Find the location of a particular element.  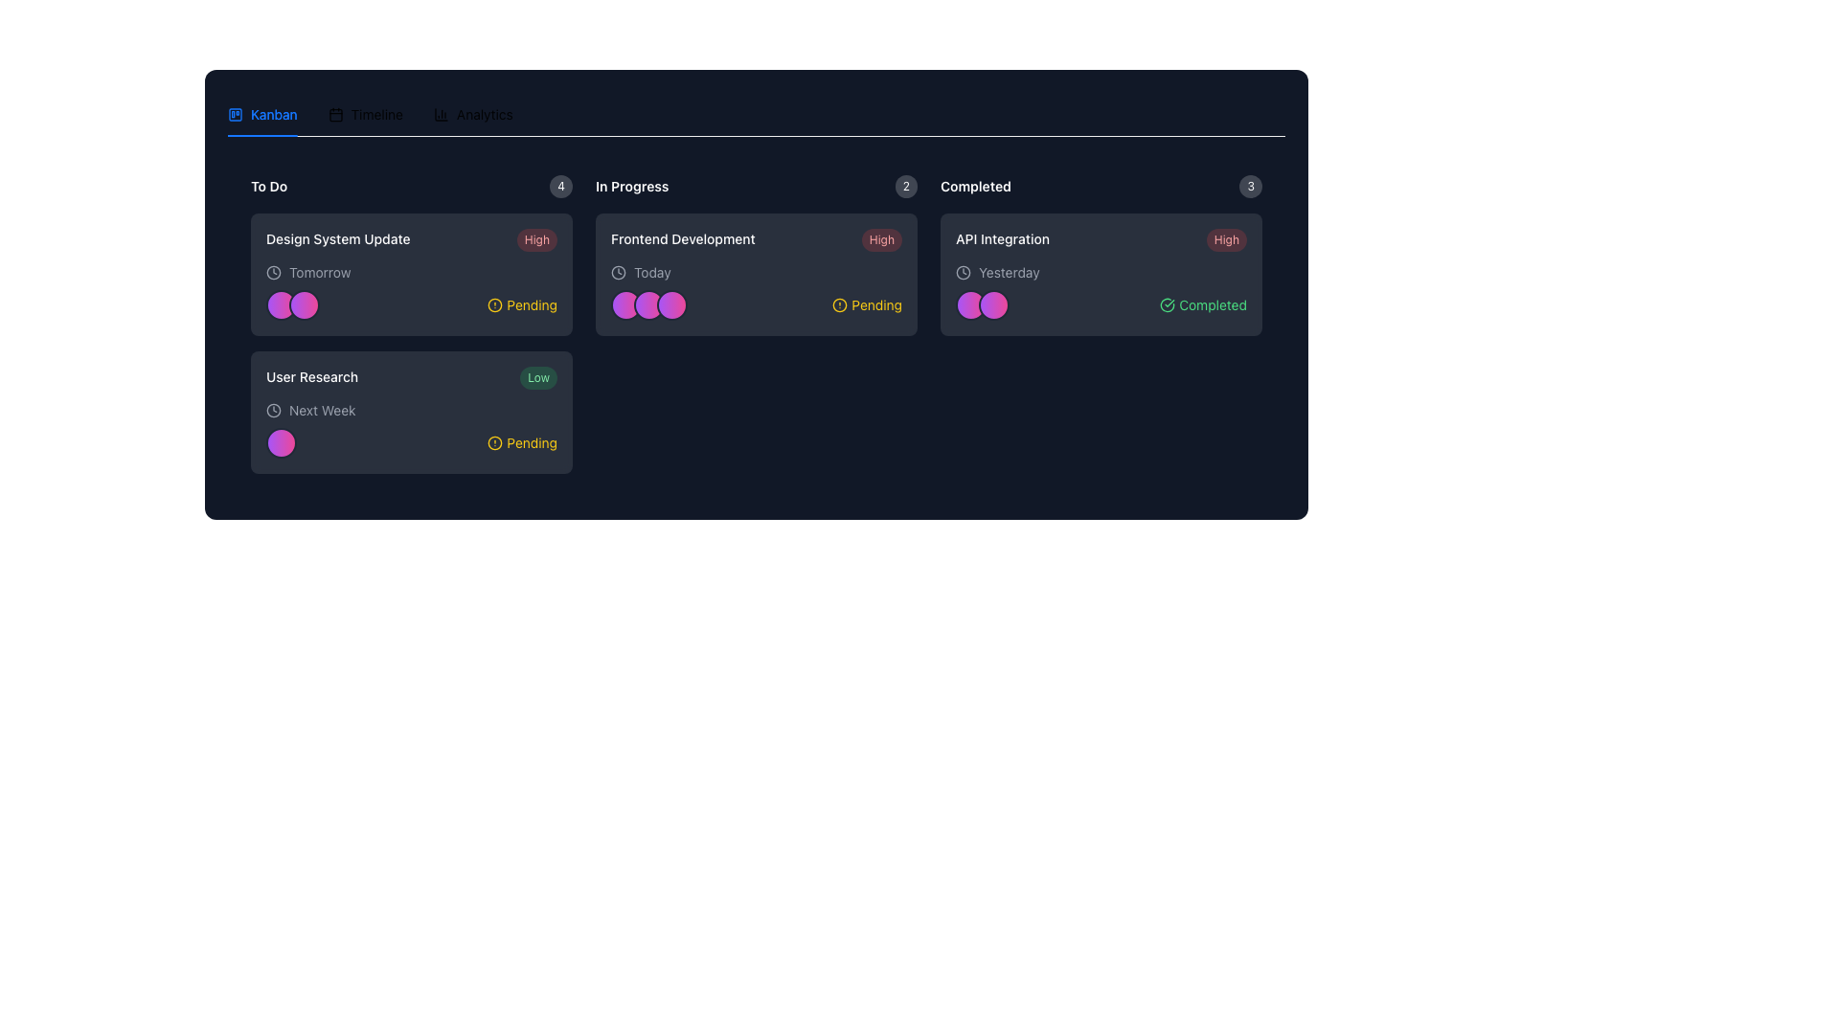

the 'Timeline' tab option, which is the second tab in the horizontal navigation bar is located at coordinates (365, 114).